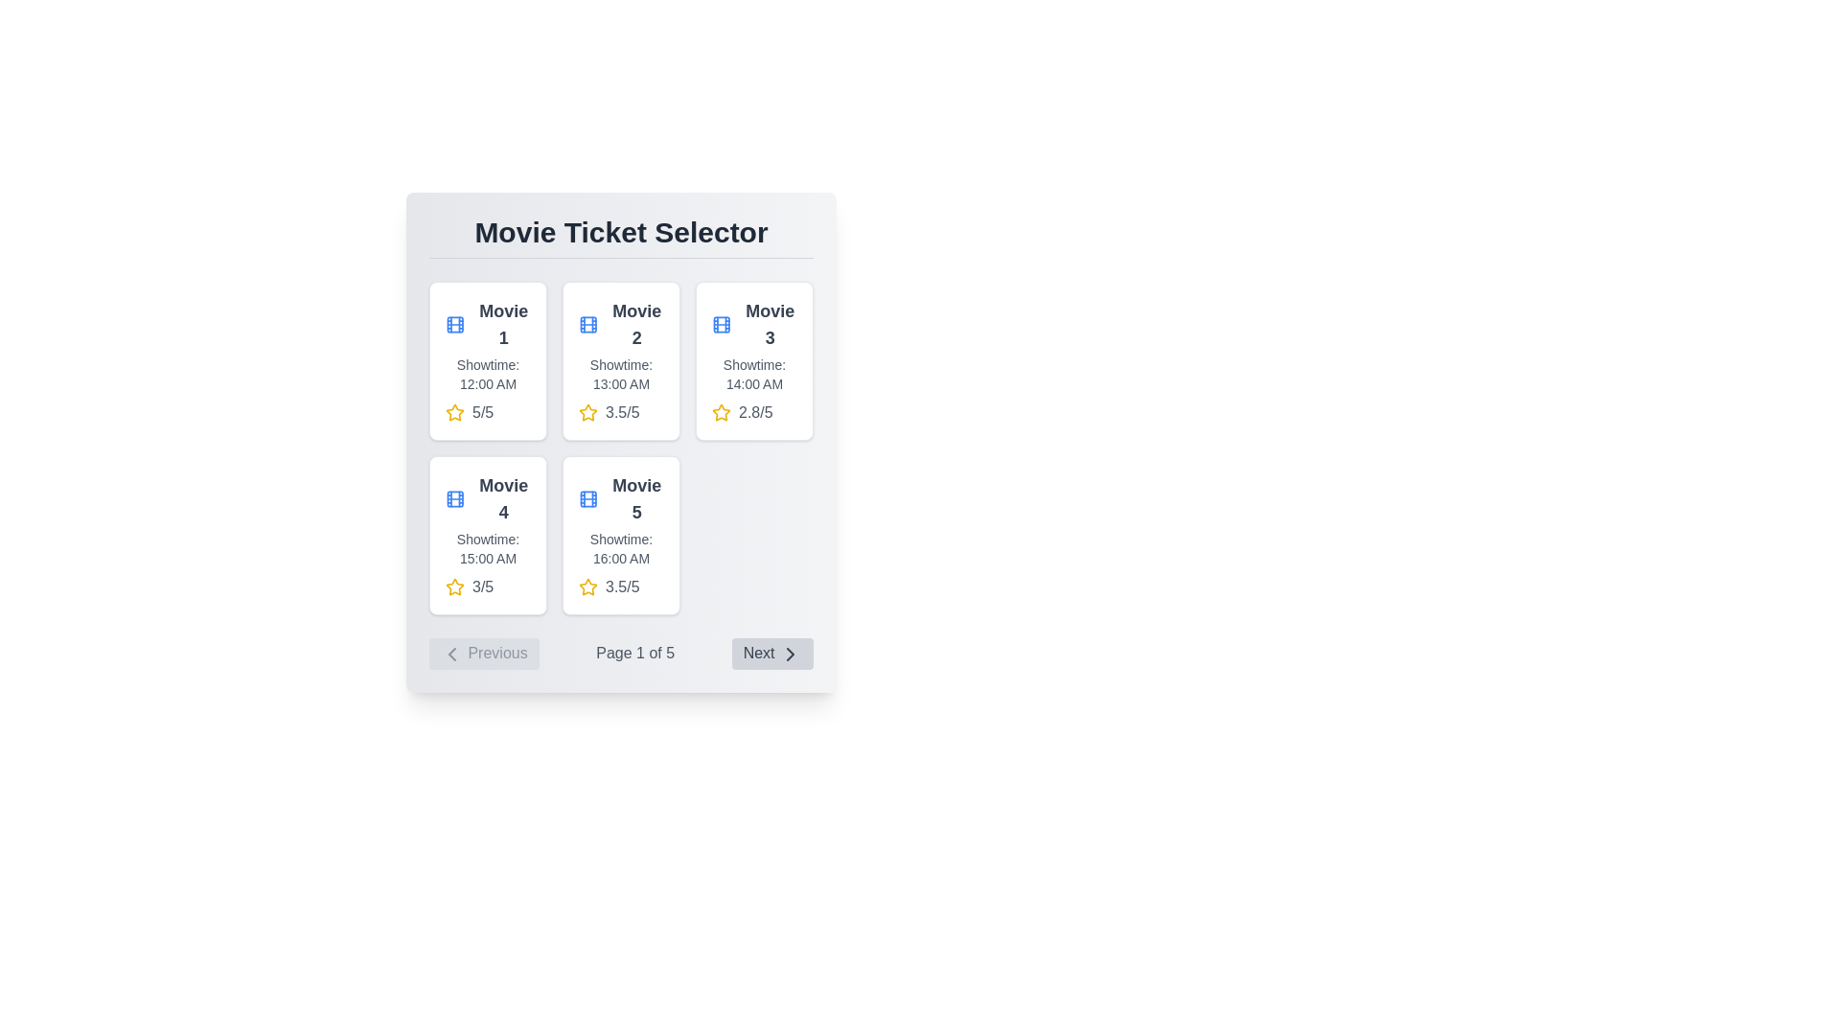 This screenshot has height=1035, width=1840. What do you see at coordinates (587, 324) in the screenshot?
I see `the small blue film strip icon located to the left of the 'Movie 2' title in the second card of the displayed movies` at bounding box center [587, 324].